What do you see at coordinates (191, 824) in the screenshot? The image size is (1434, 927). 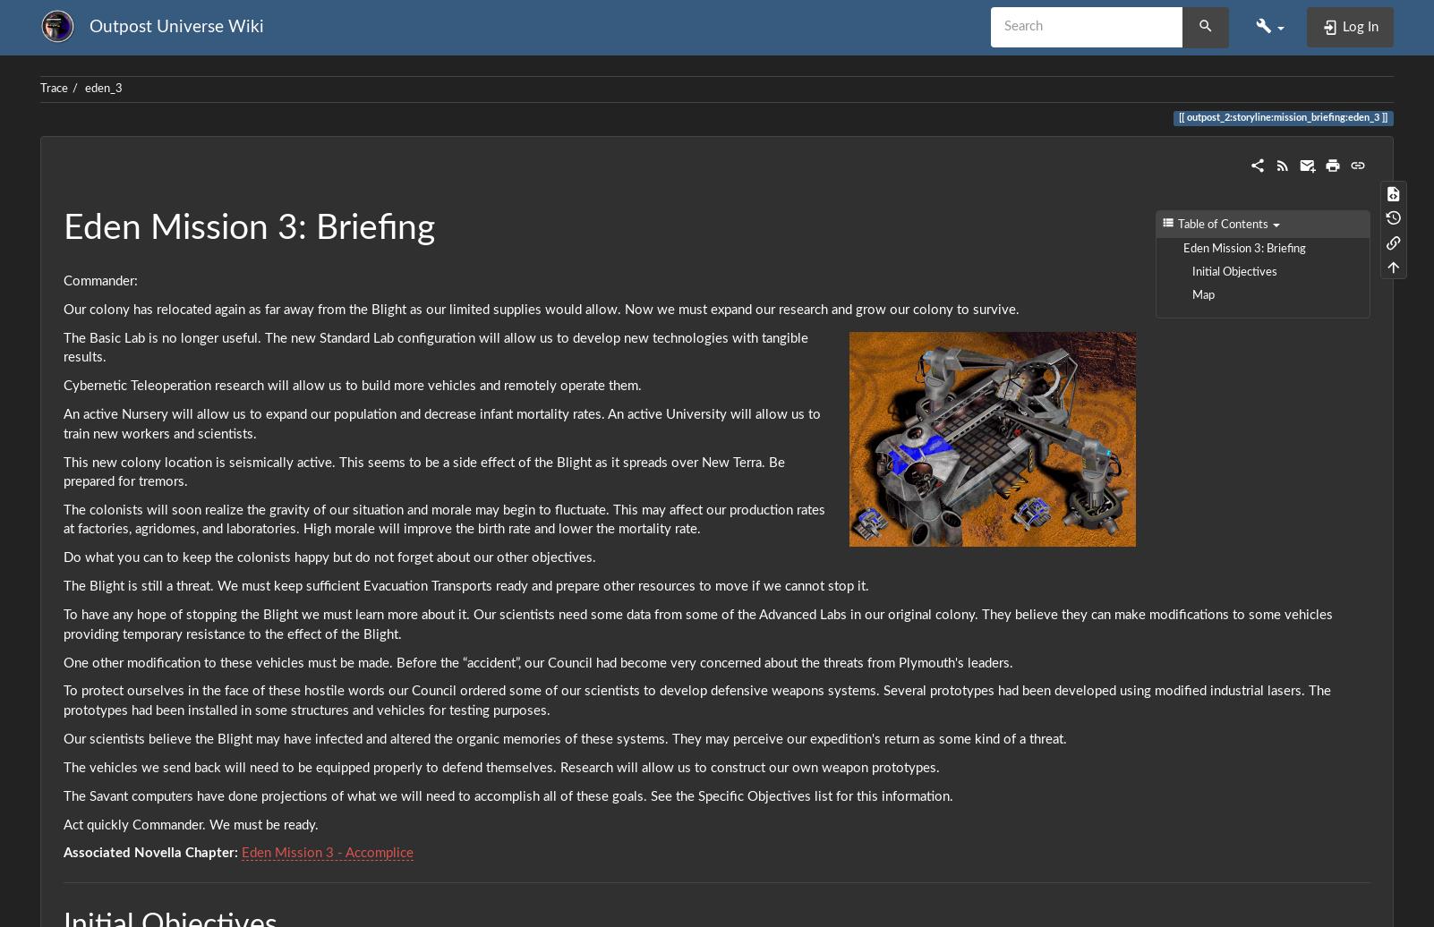 I see `'Act quickly Commander.  We must be ready.'` at bounding box center [191, 824].